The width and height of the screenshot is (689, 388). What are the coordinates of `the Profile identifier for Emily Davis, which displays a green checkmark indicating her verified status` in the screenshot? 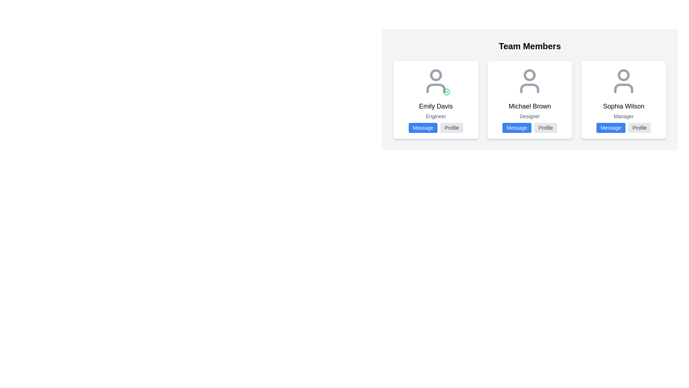 It's located at (435, 81).